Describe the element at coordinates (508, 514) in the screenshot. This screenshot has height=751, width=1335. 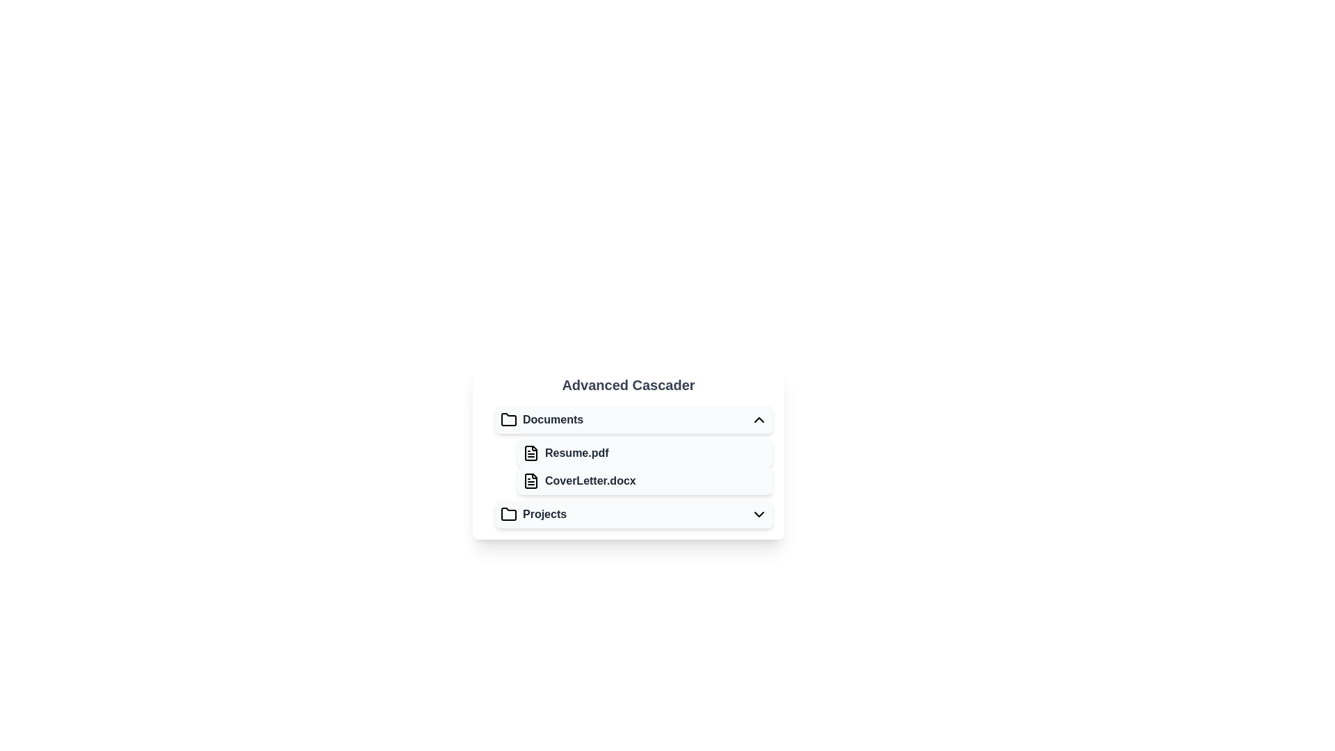
I see `the 'Projects' icon, which serves as a graphical representation for the Projects section in the collapsible menu` at that location.